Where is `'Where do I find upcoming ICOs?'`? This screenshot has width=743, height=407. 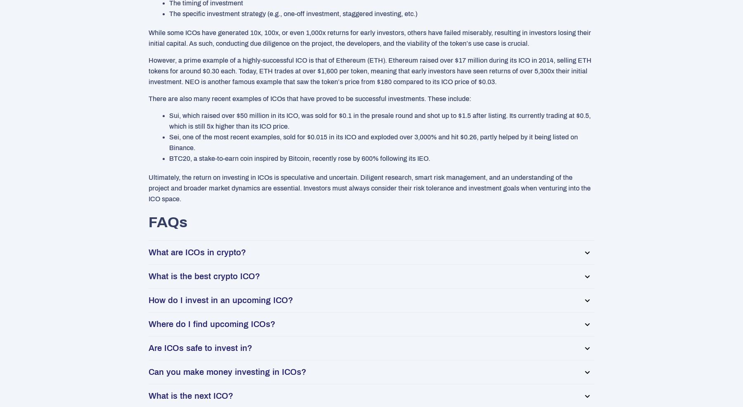 'Where do I find upcoming ICOs?' is located at coordinates (211, 324).